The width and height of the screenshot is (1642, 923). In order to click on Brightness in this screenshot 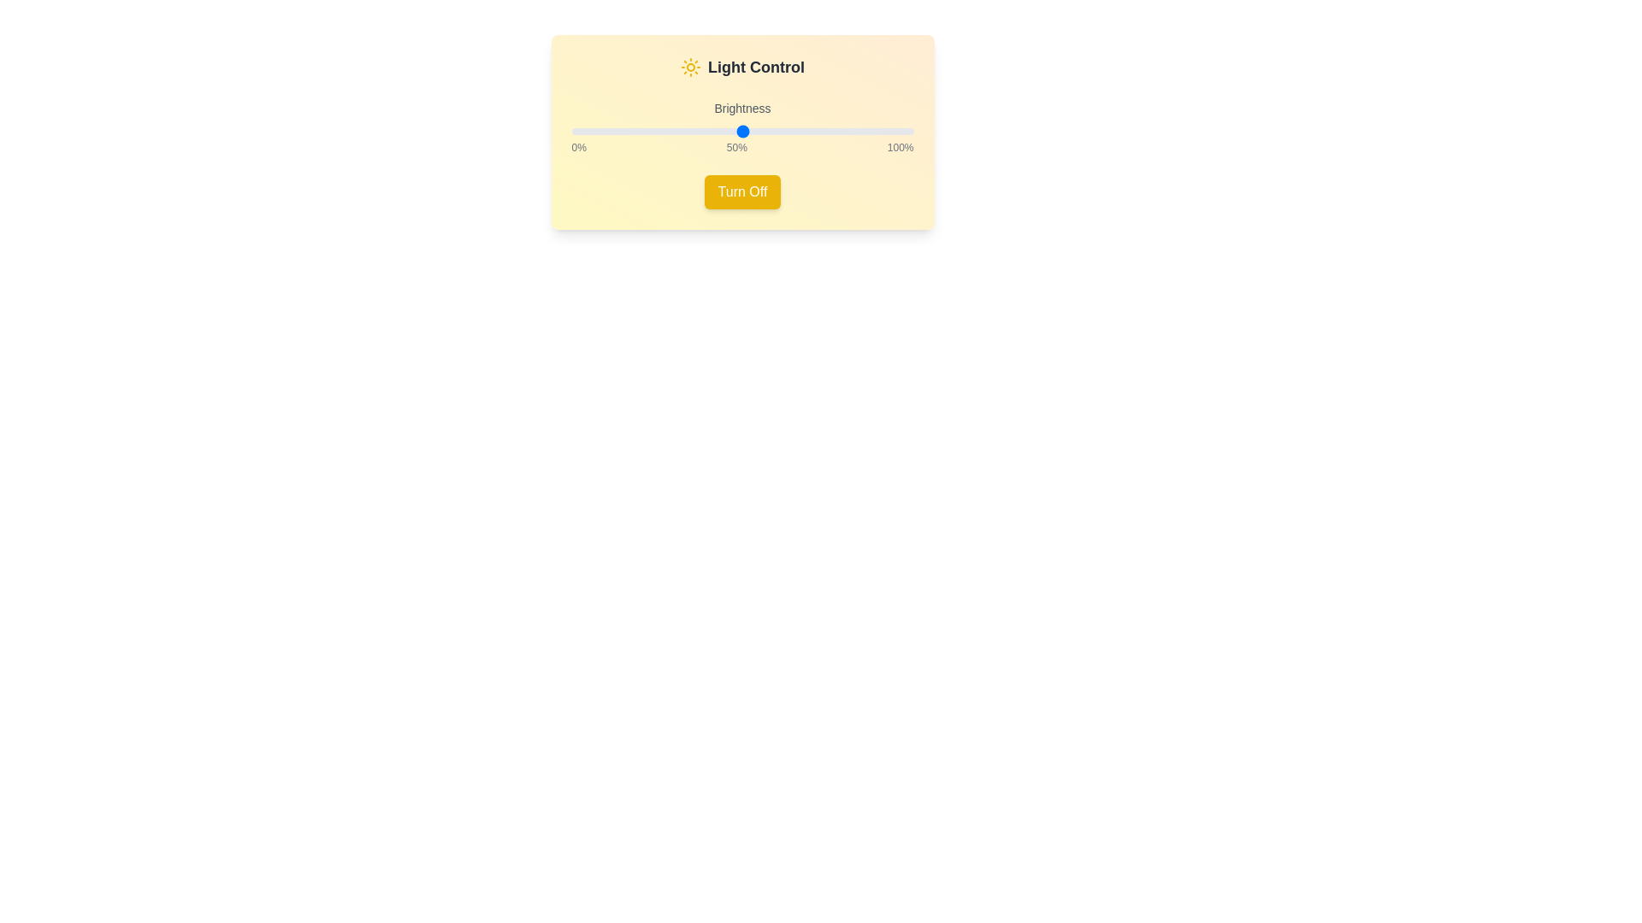, I will do `click(718, 131)`.